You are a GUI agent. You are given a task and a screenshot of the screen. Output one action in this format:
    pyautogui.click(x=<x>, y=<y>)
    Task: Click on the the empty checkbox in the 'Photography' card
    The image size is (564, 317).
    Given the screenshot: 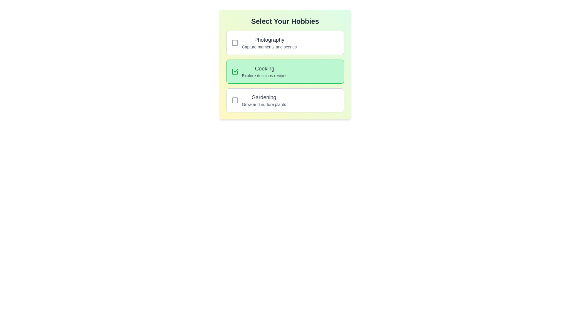 What is the action you would take?
    pyautogui.click(x=285, y=43)
    